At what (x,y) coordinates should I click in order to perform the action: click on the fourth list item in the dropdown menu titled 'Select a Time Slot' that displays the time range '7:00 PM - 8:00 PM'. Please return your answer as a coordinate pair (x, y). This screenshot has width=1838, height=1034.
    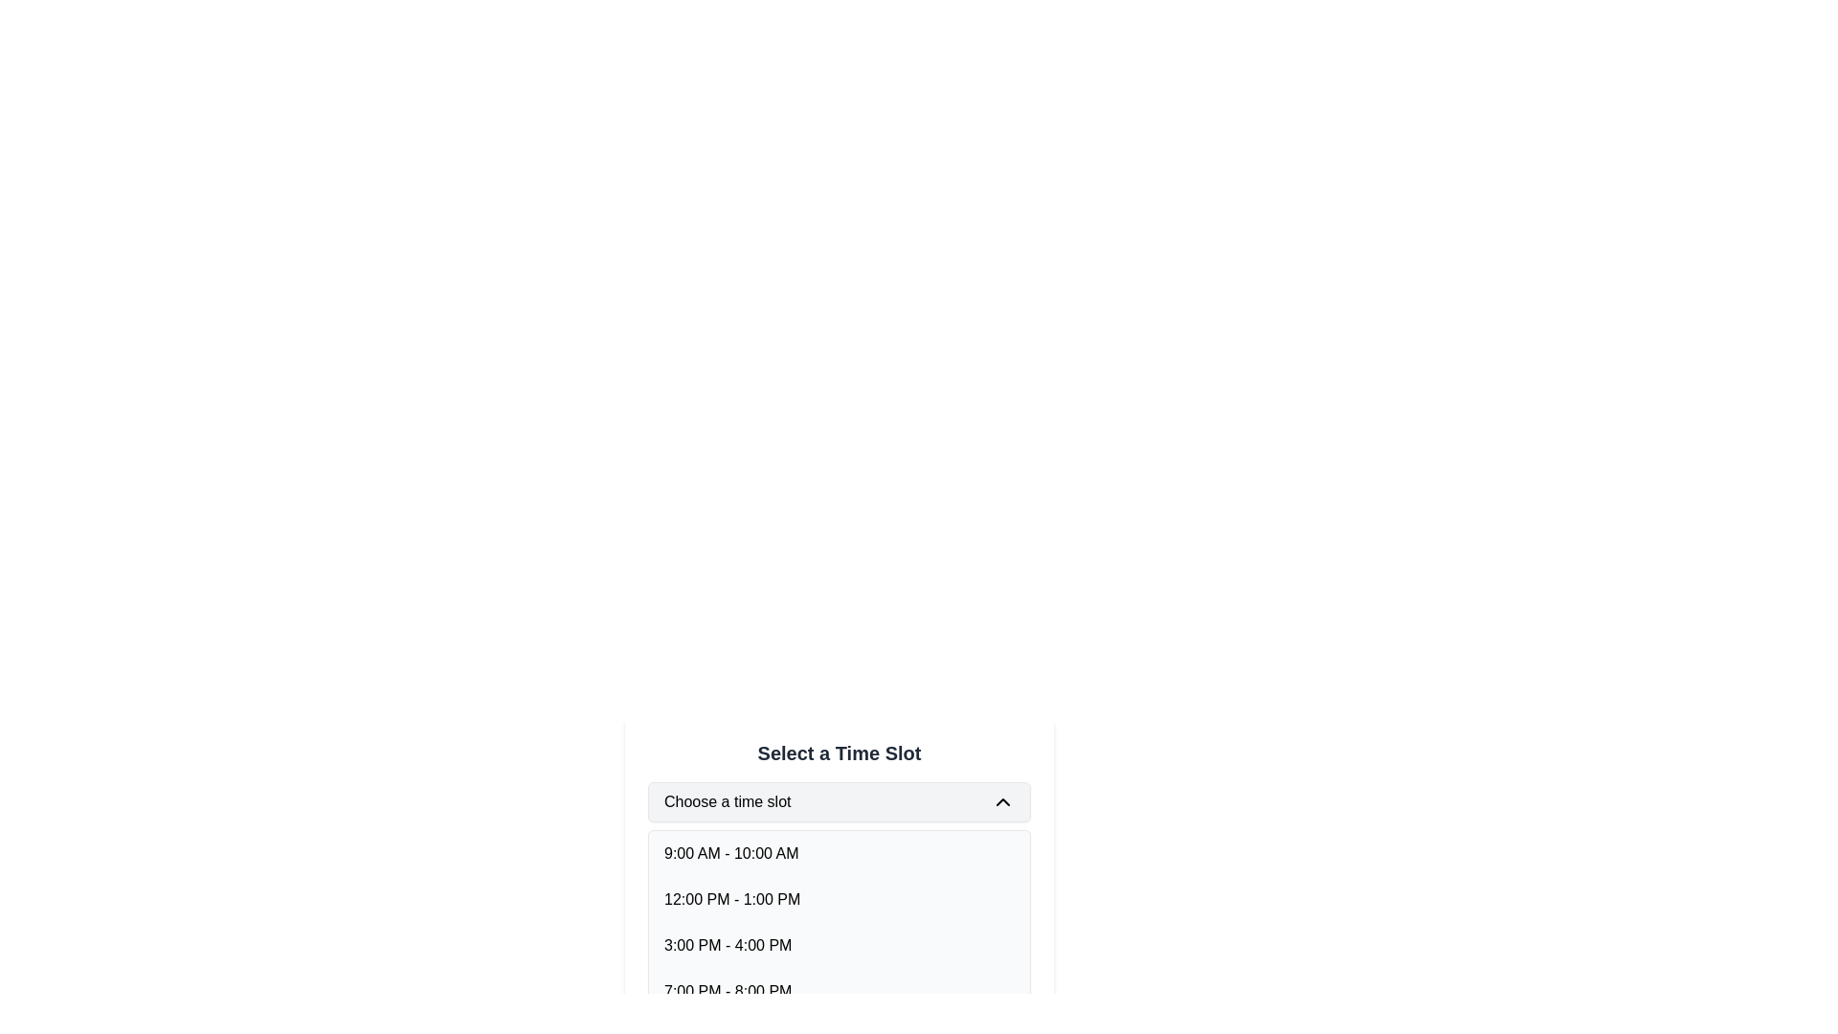
    Looking at the image, I should click on (840, 991).